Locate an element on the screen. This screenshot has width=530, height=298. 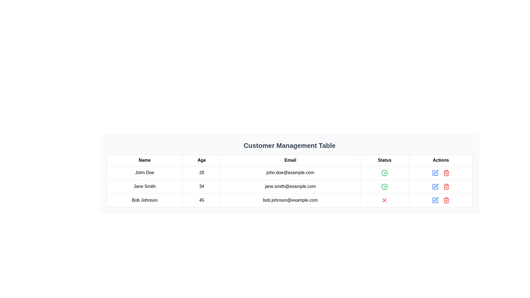
the table row containing the person's entry, which includes the name 'Jane Smith', age '34', and email 'jane.smith@example.com', located in the second row of the 'Customer Management Table' is located at coordinates (289, 186).